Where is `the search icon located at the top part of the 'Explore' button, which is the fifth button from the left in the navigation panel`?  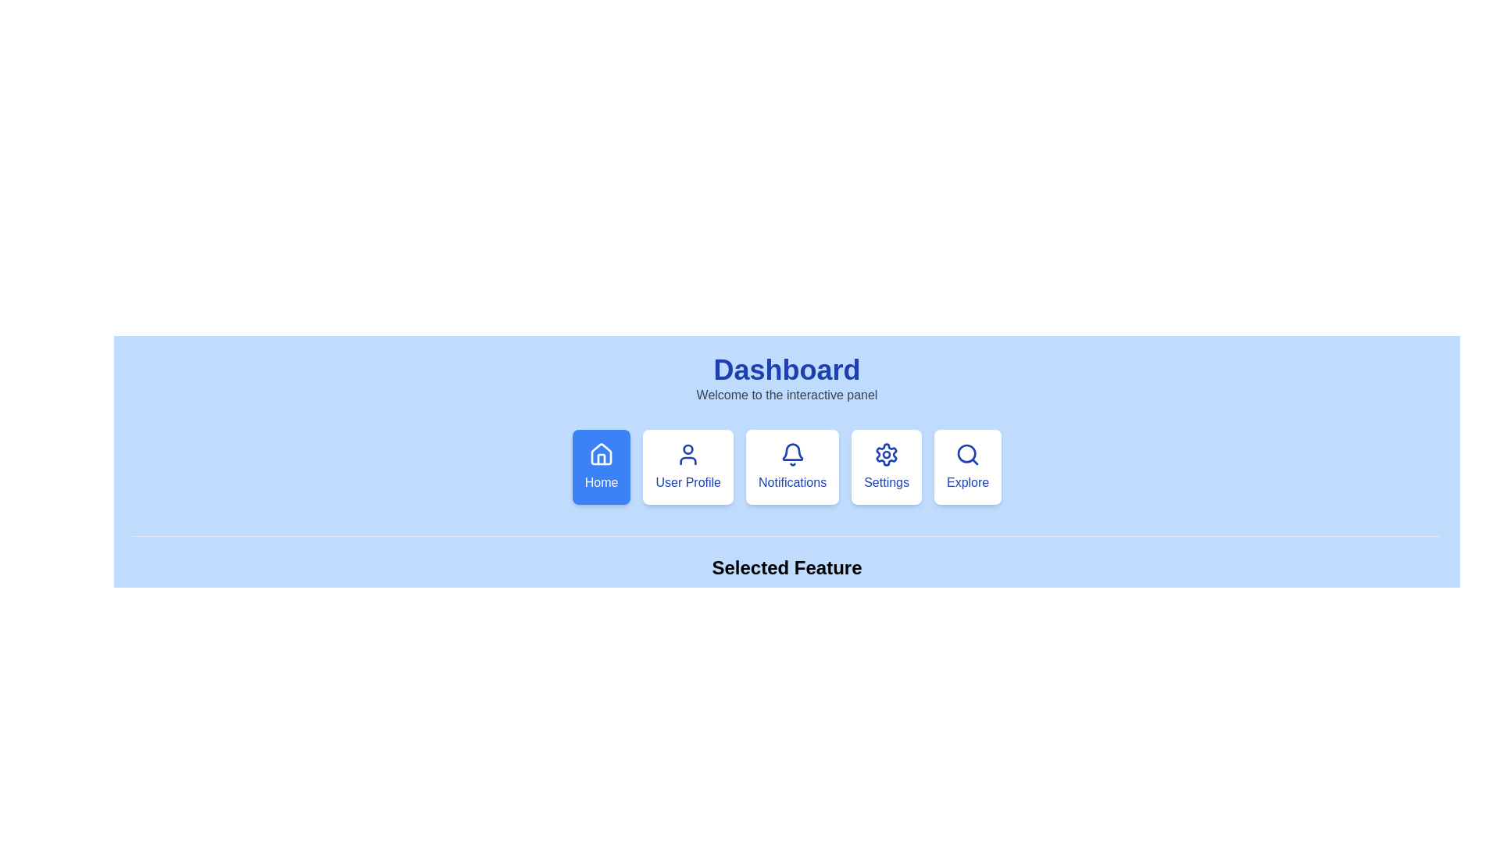
the search icon located at the top part of the 'Explore' button, which is the fifth button from the left in the navigation panel is located at coordinates (967, 455).